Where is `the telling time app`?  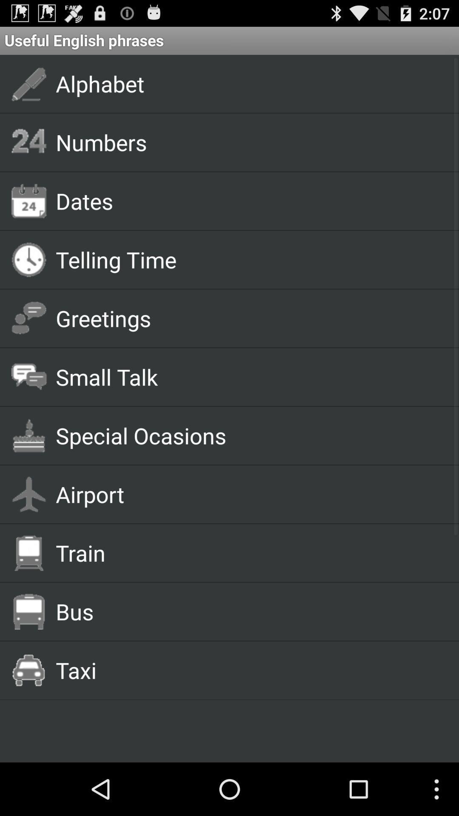 the telling time app is located at coordinates (247, 259).